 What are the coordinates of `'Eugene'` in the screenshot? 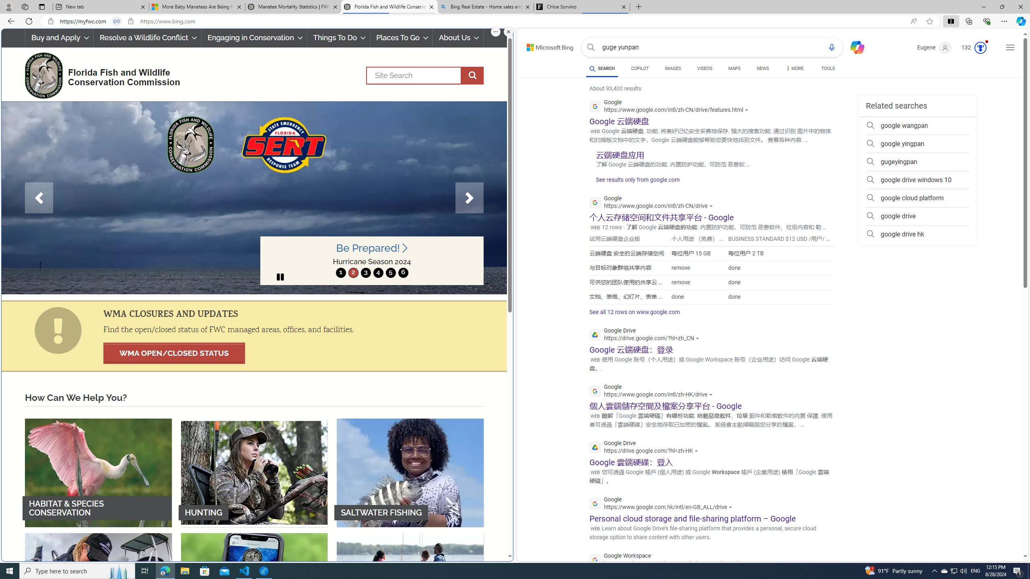 It's located at (933, 47).